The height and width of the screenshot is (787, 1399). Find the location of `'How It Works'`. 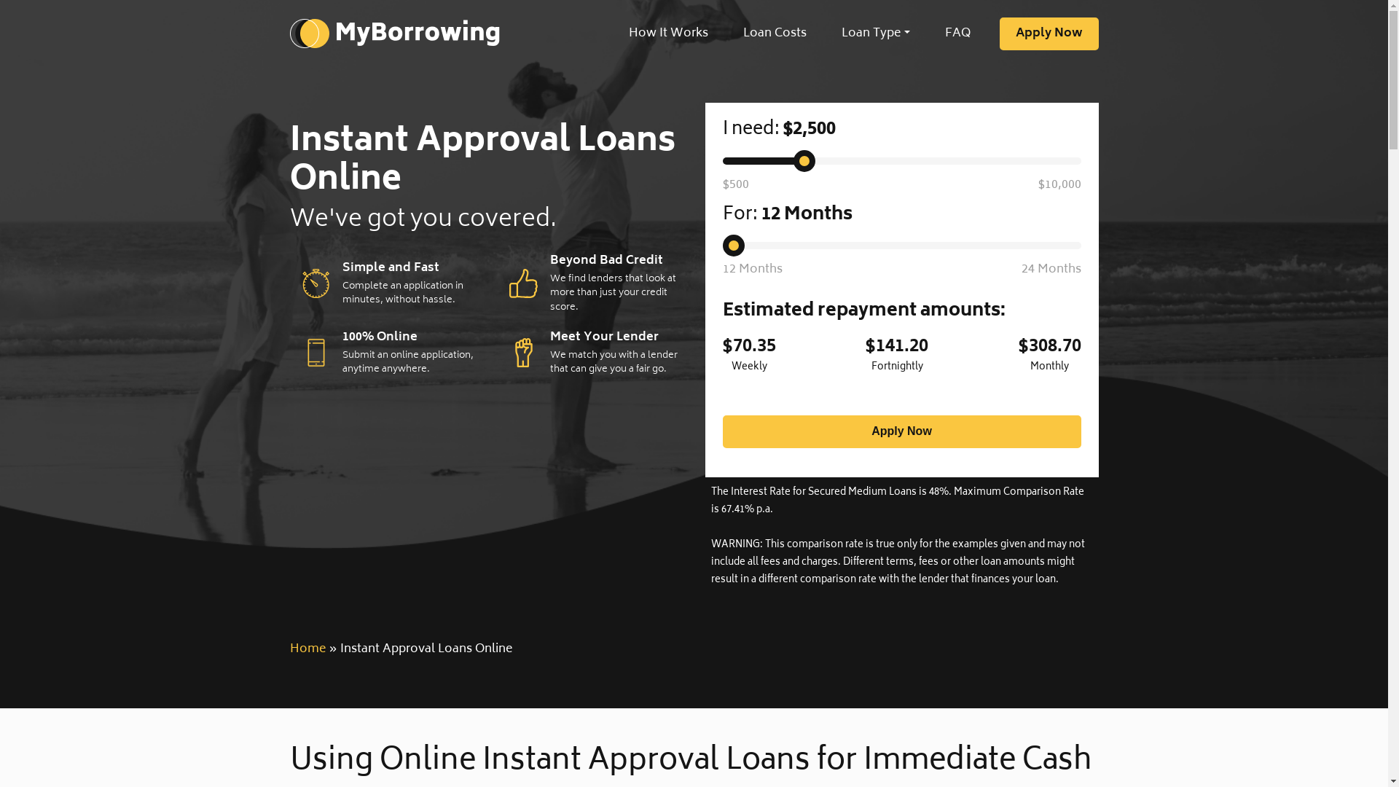

'How It Works' is located at coordinates (622, 33).